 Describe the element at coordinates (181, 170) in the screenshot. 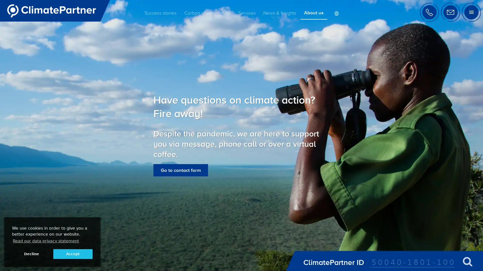

I see `Go to contact form` at that location.